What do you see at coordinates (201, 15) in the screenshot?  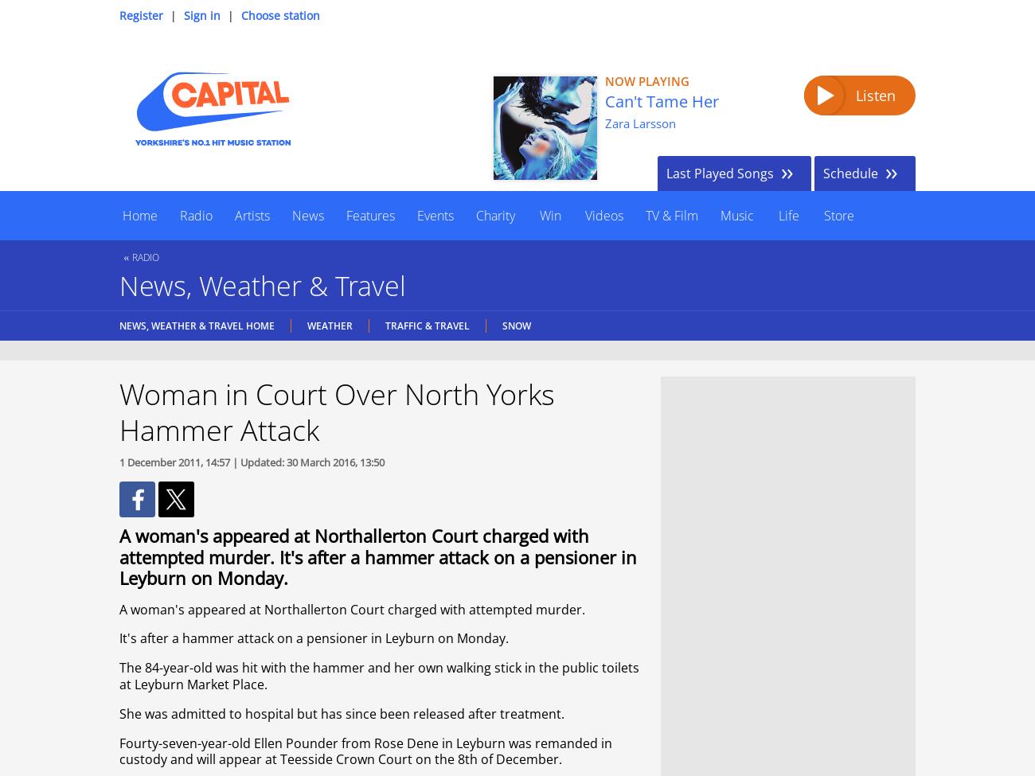 I see `'Sign in'` at bounding box center [201, 15].